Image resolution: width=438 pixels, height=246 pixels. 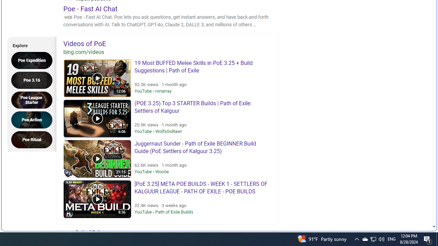 I want to click on 'Poe - Fast AI Chat', so click(x=90, y=9).